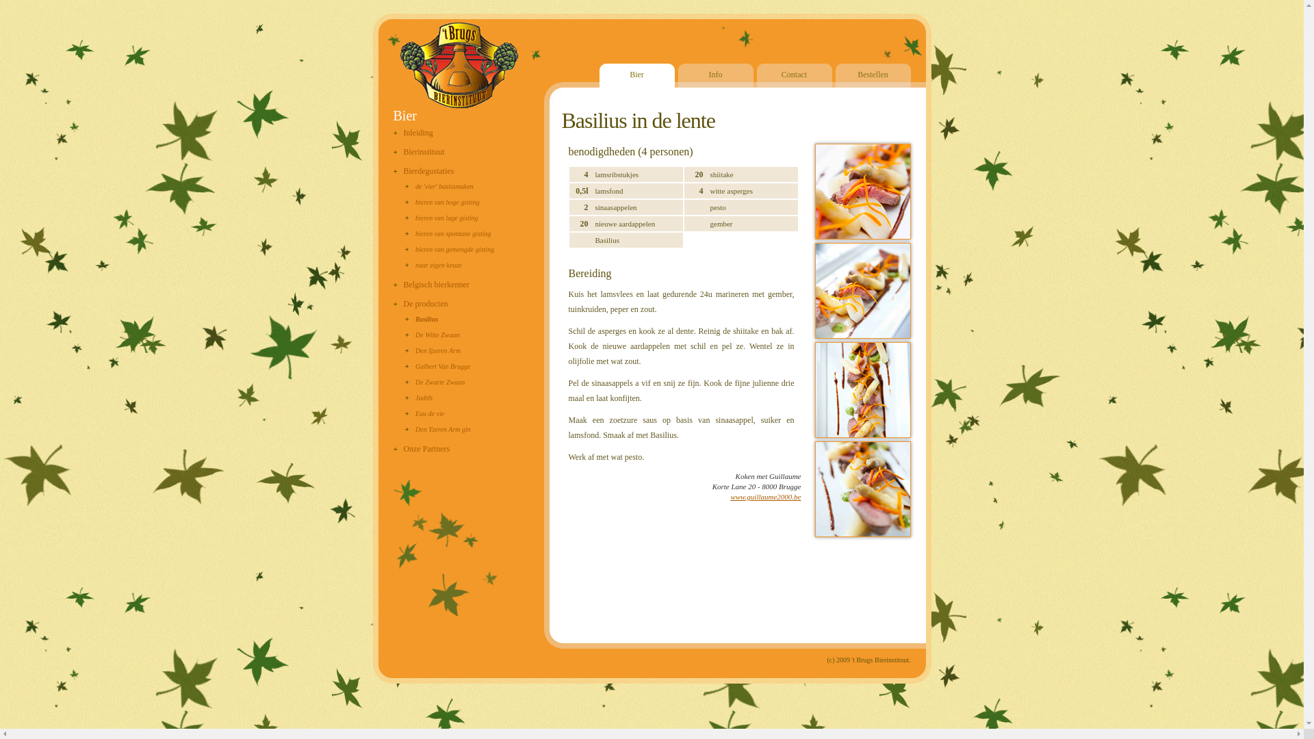  Describe the element at coordinates (404, 265) in the screenshot. I see `'naar eigen keuze'` at that location.